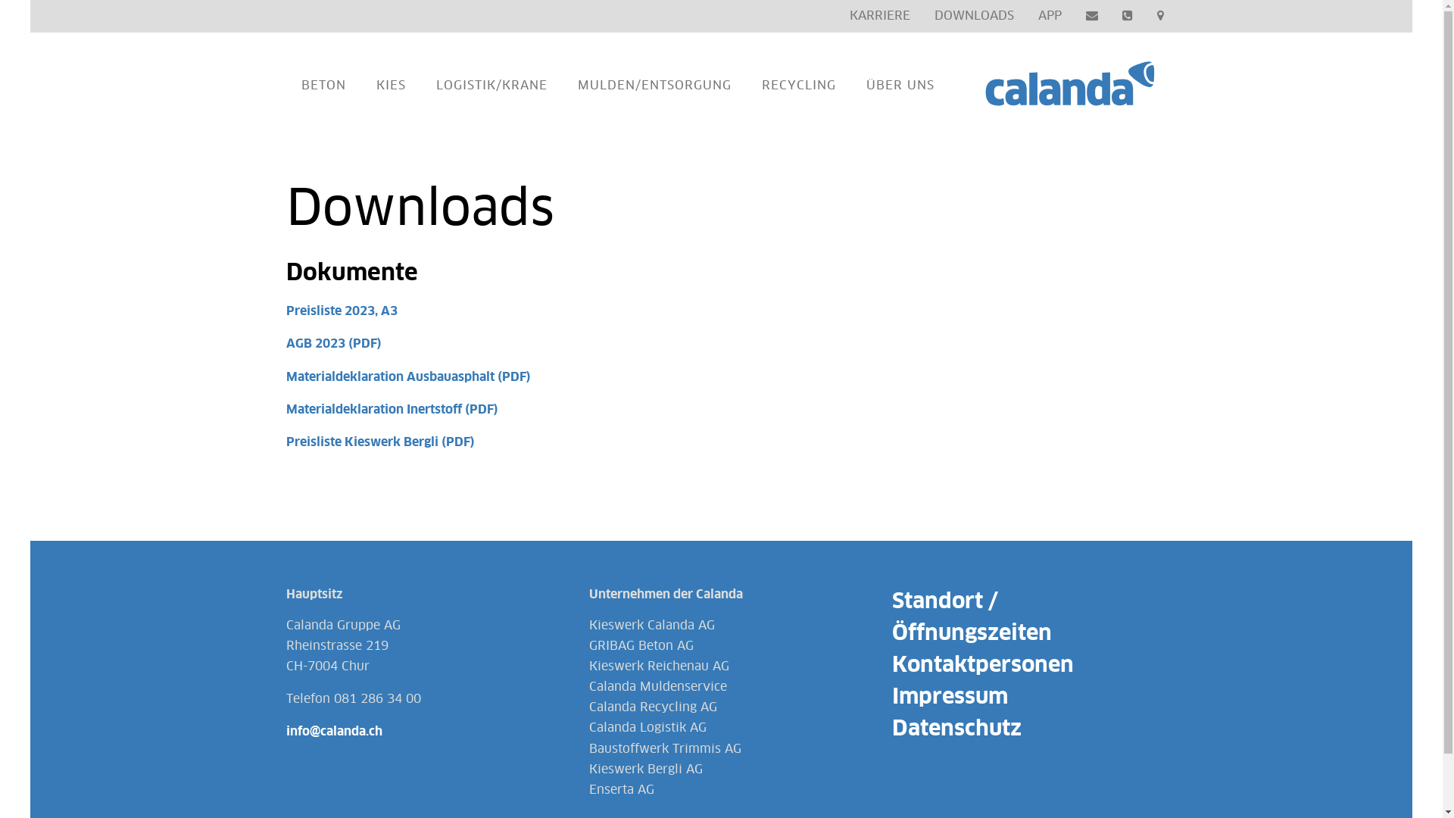 The width and height of the screenshot is (1454, 818). Describe the element at coordinates (956, 729) in the screenshot. I see `'Datenschutz'` at that location.